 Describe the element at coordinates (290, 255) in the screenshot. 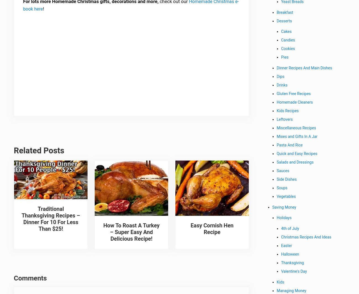

I see `'Halloween'` at that location.